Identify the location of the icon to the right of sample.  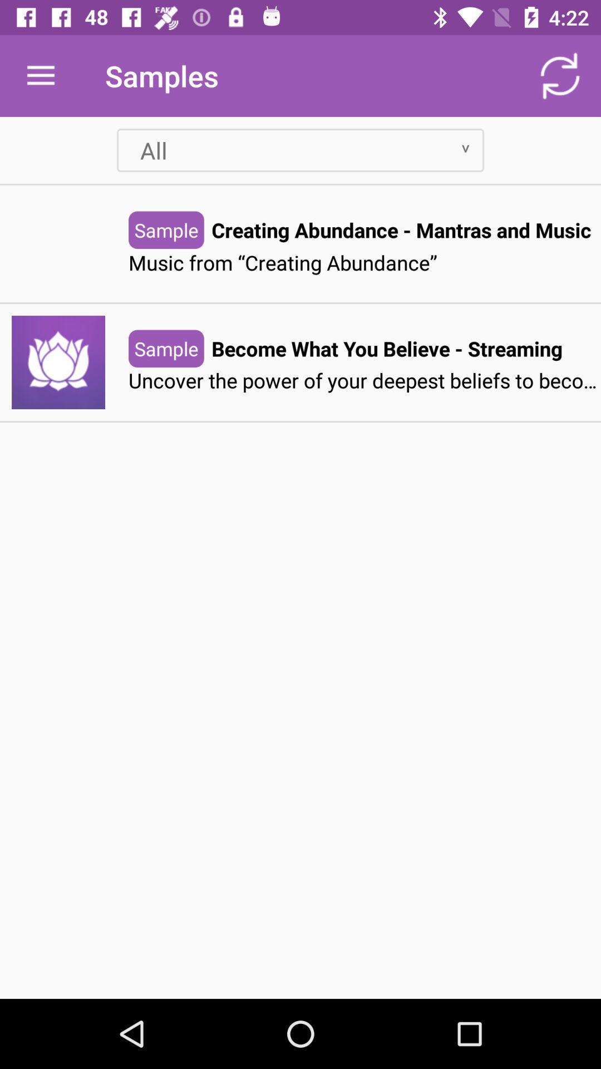
(386, 348).